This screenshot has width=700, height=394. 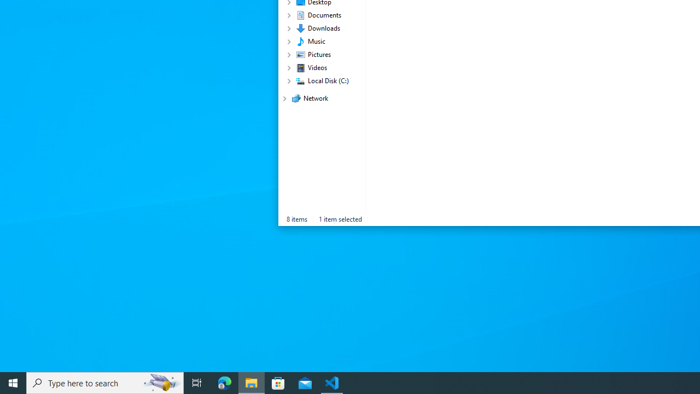 What do you see at coordinates (224, 382) in the screenshot?
I see `'Microsoft Edge'` at bounding box center [224, 382].